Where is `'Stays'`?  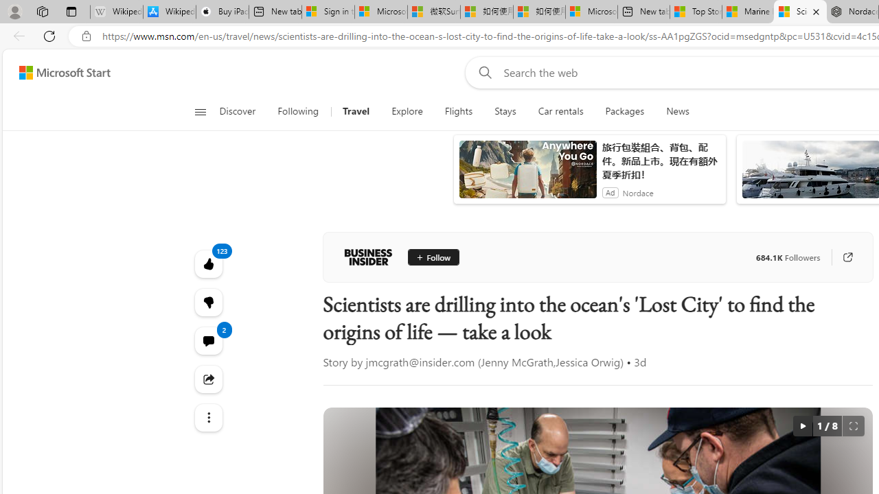 'Stays' is located at coordinates (505, 111).